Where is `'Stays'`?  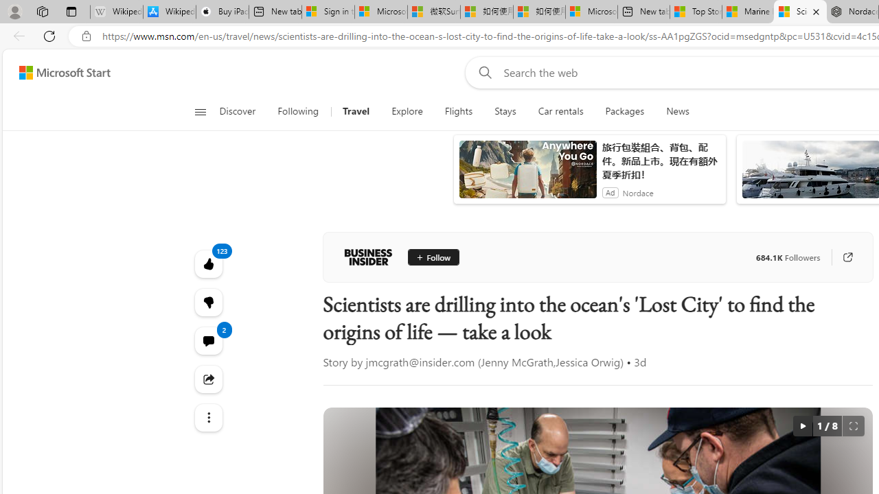 'Stays' is located at coordinates (505, 111).